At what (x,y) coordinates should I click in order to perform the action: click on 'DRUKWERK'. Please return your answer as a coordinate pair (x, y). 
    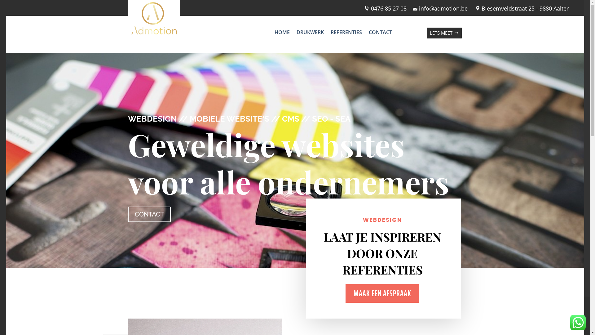
    Looking at the image, I should click on (310, 33).